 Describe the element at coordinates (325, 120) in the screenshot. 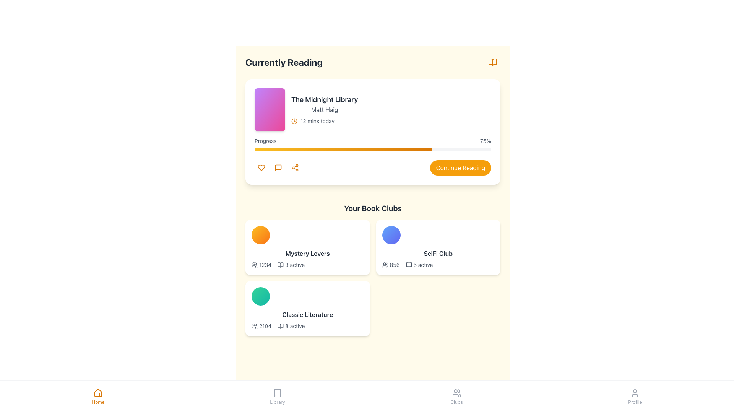

I see `the Icon and Label Pair that displays the time spent on the current reading activity for 'The Midnight Library', located under the 'Currently Reading' header` at that location.